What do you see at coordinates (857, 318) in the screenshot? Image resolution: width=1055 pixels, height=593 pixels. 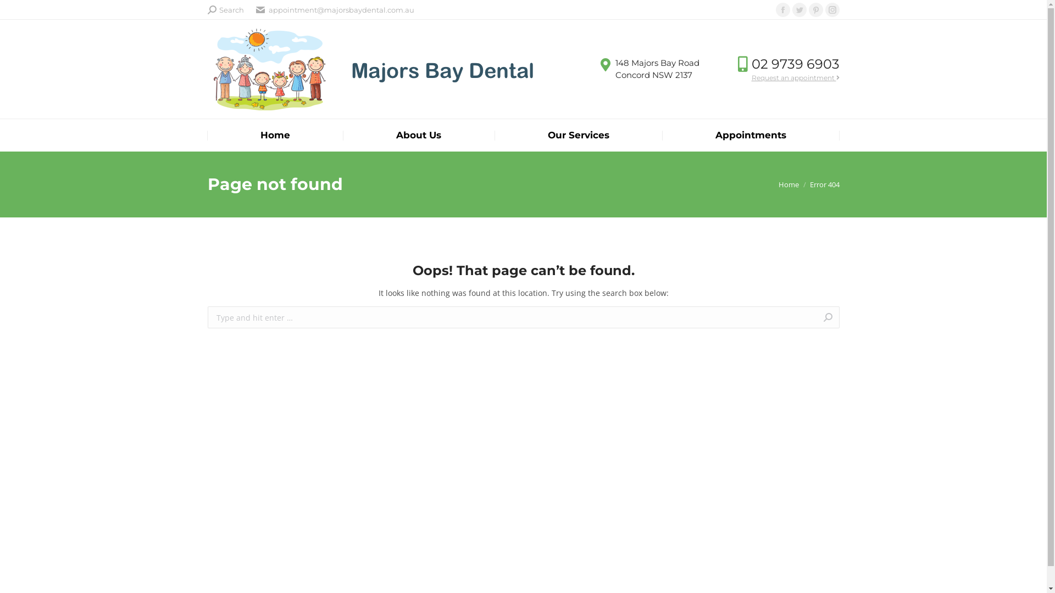 I see `'Go!'` at bounding box center [857, 318].